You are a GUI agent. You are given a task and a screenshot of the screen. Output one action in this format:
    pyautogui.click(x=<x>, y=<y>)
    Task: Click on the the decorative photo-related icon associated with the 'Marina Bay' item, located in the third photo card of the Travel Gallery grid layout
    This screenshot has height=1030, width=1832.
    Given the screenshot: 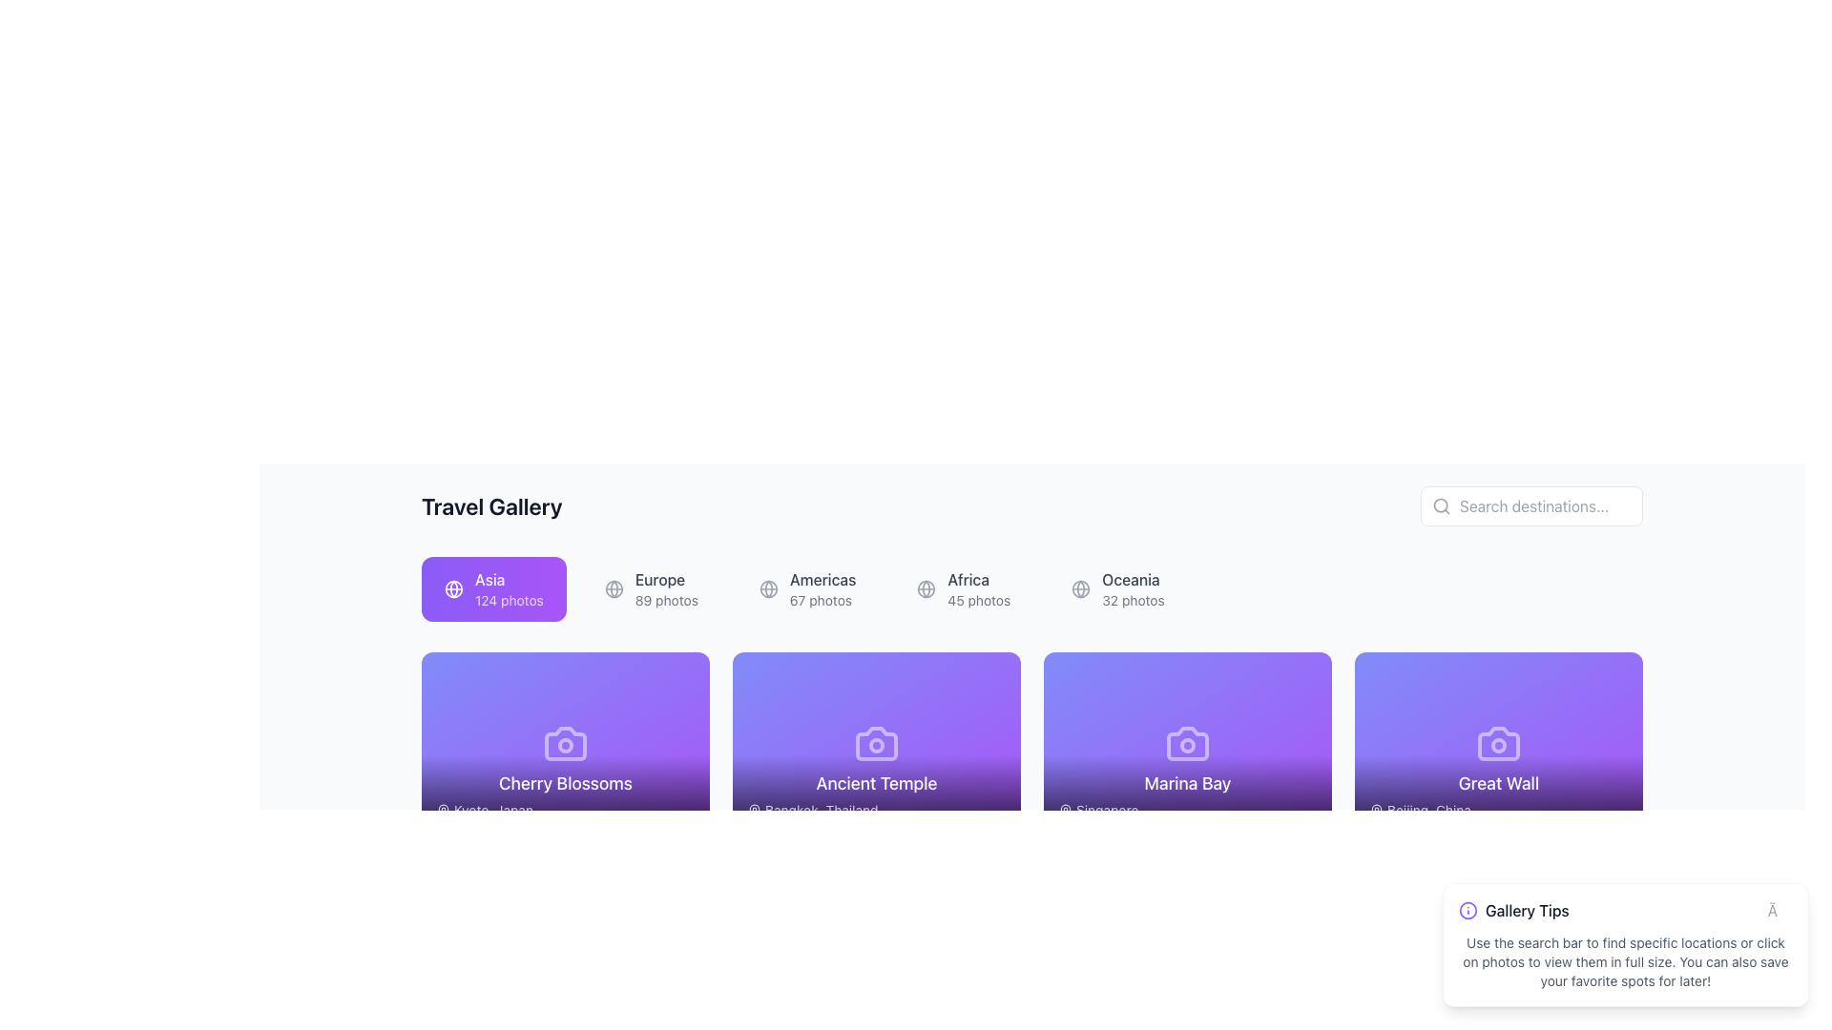 What is the action you would take?
    pyautogui.click(x=1186, y=742)
    